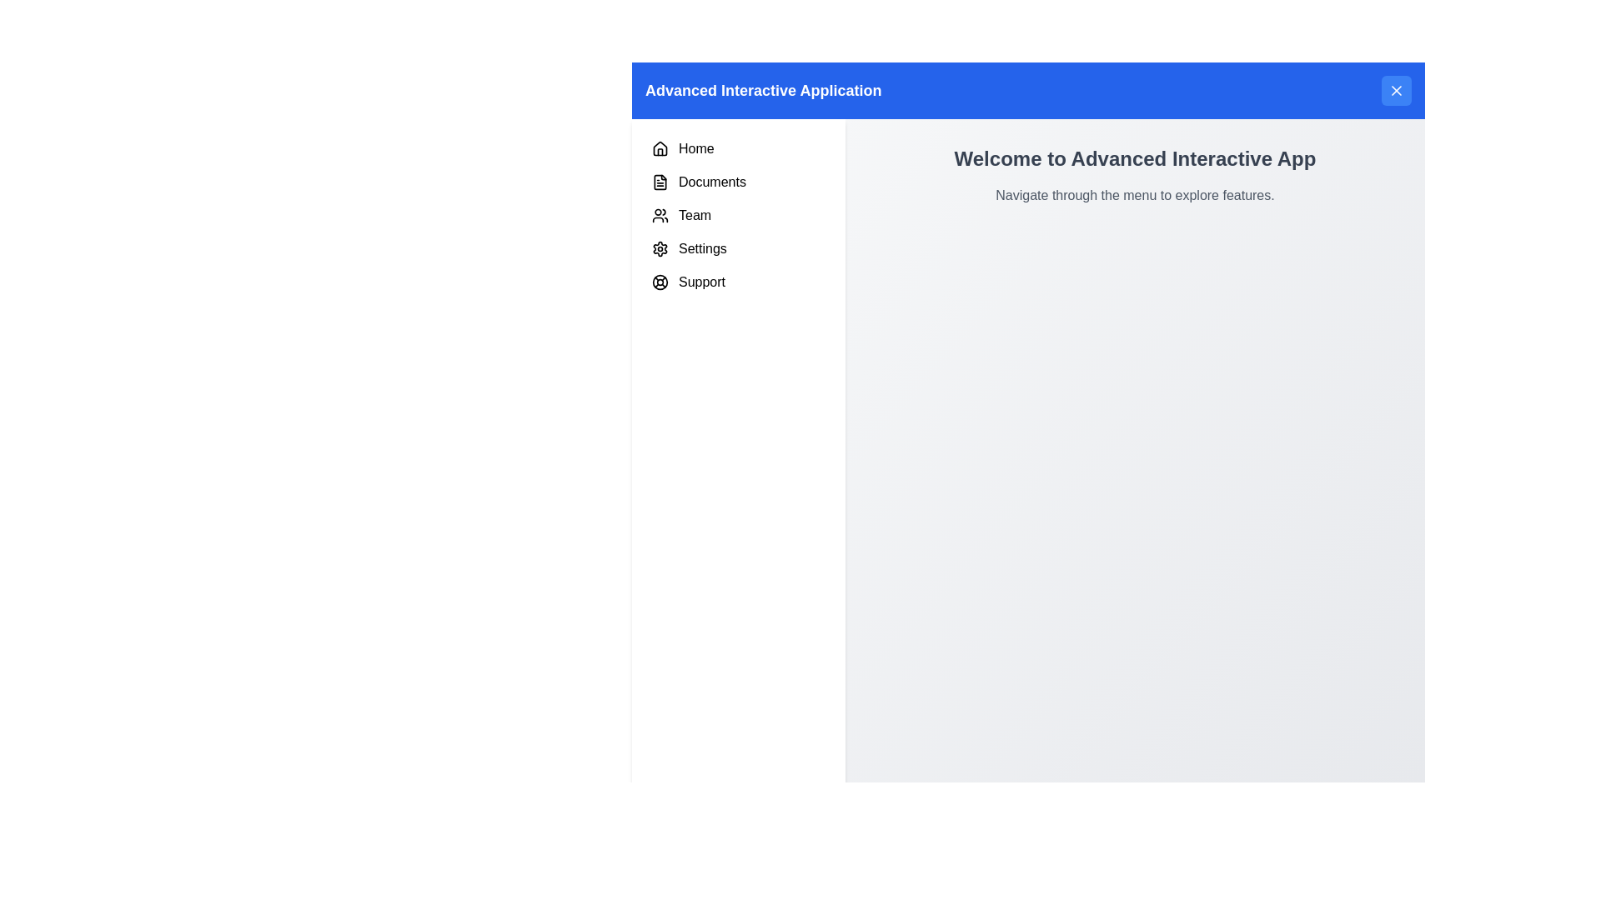  What do you see at coordinates (696, 147) in the screenshot?
I see `the 'Home' text label in the vertical navigation menu` at bounding box center [696, 147].